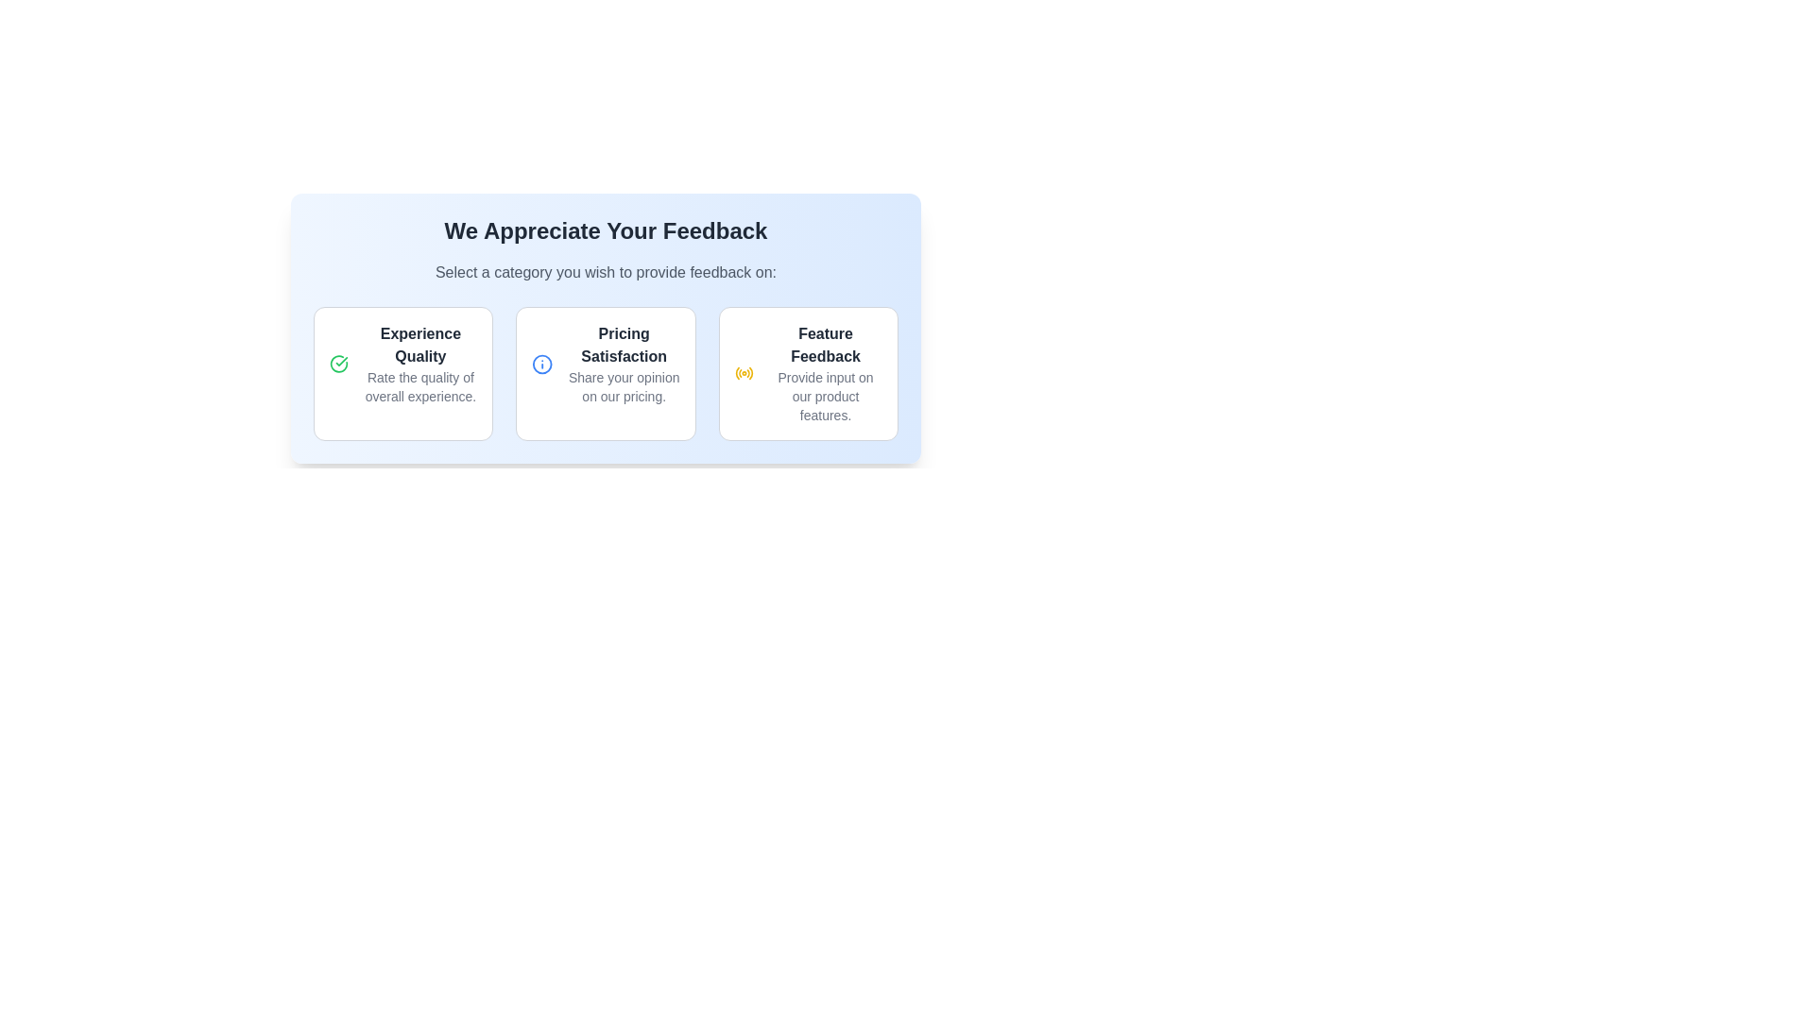  I want to click on the 'Pricing Satisfaction' information display element, which features a bold heading and a smaller description text, positioned in the center of the feedback section layout, so click(624, 364).